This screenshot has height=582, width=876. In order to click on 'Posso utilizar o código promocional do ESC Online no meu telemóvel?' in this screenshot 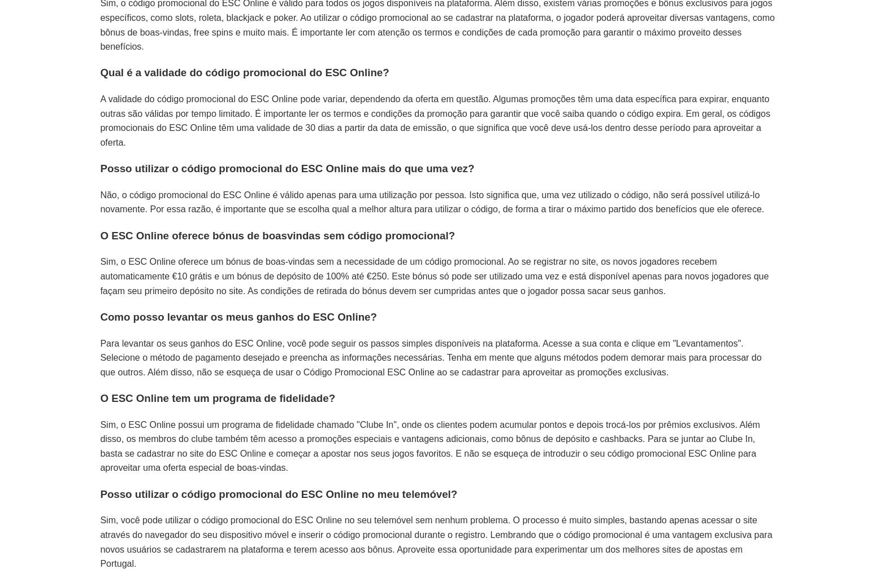, I will do `click(278, 493)`.